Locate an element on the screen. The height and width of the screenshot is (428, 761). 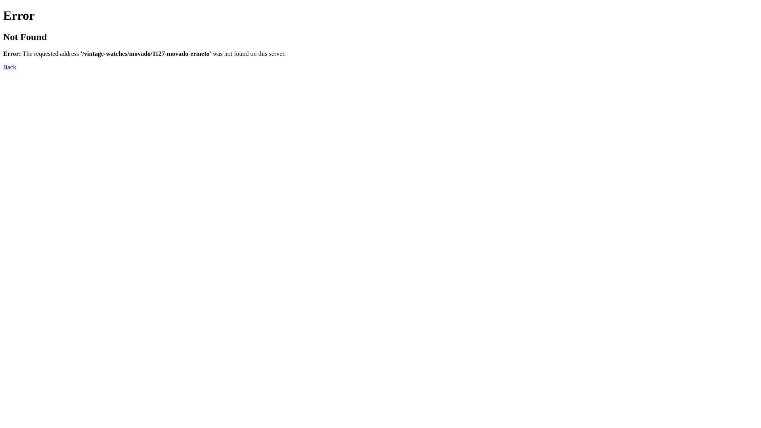
'Back' is located at coordinates (10, 67).